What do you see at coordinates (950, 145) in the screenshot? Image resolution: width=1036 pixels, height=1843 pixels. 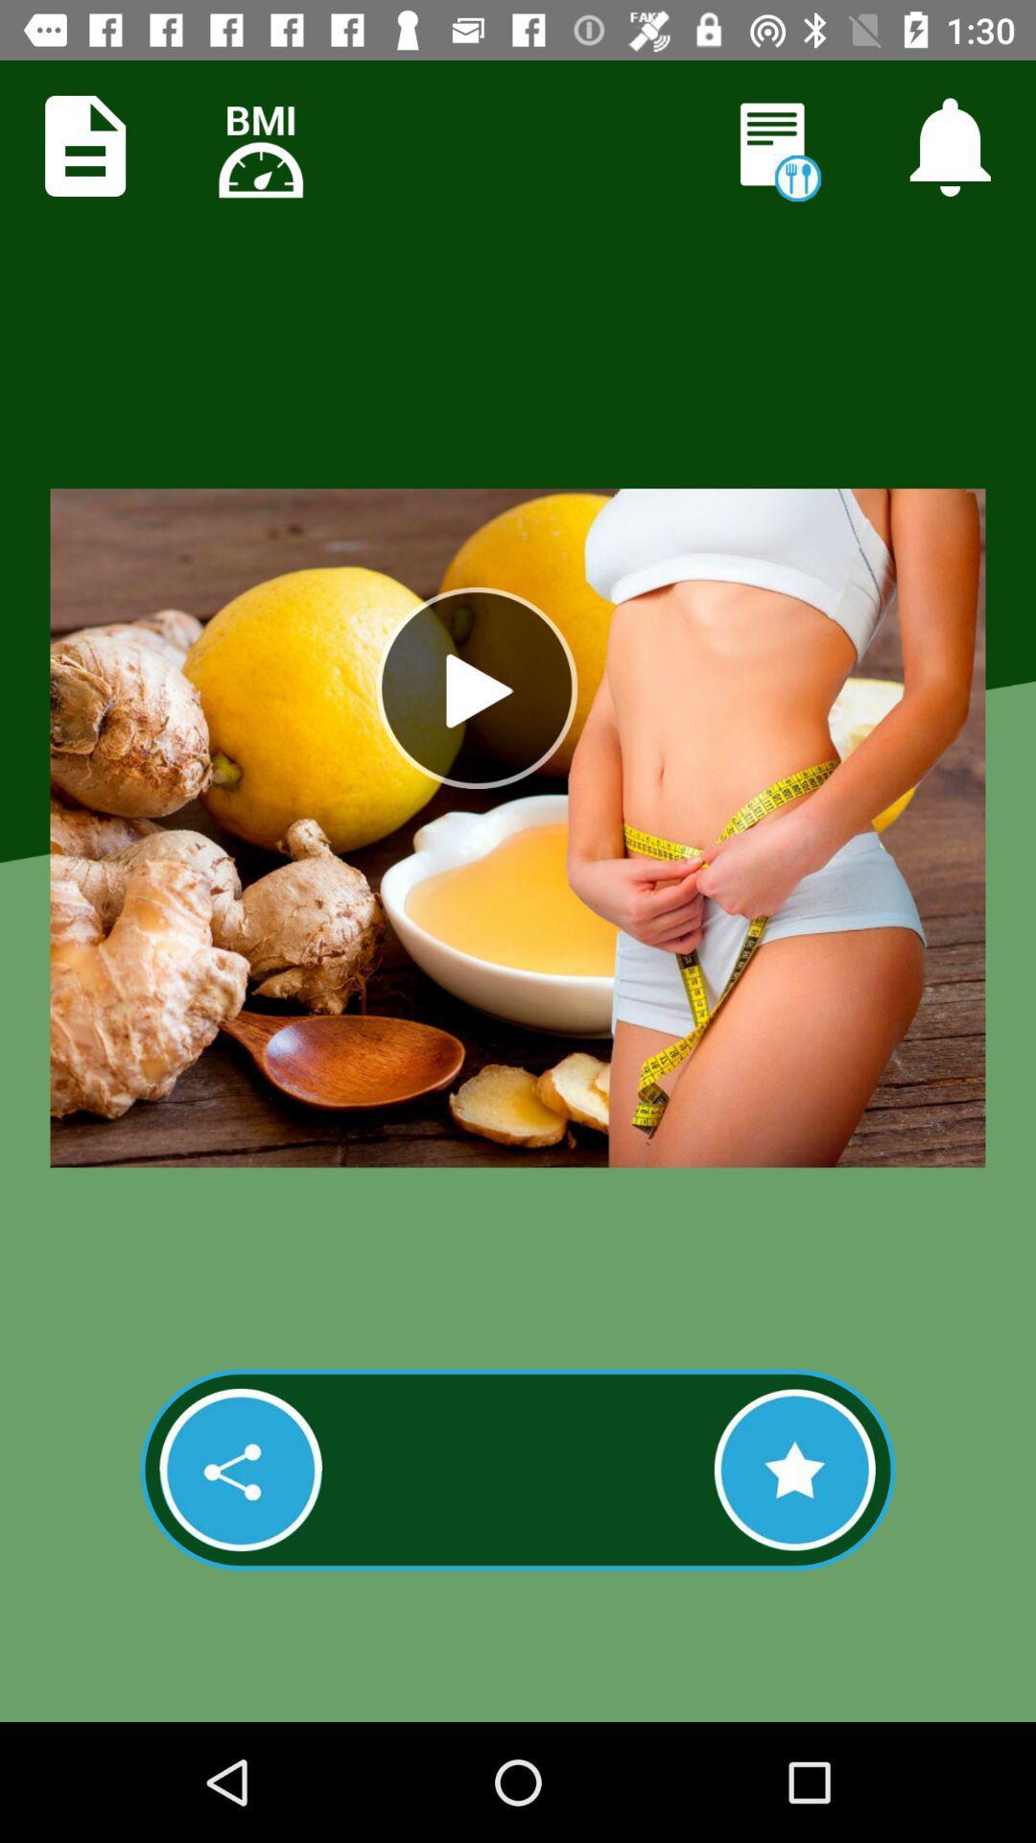 I see `check notifications` at bounding box center [950, 145].